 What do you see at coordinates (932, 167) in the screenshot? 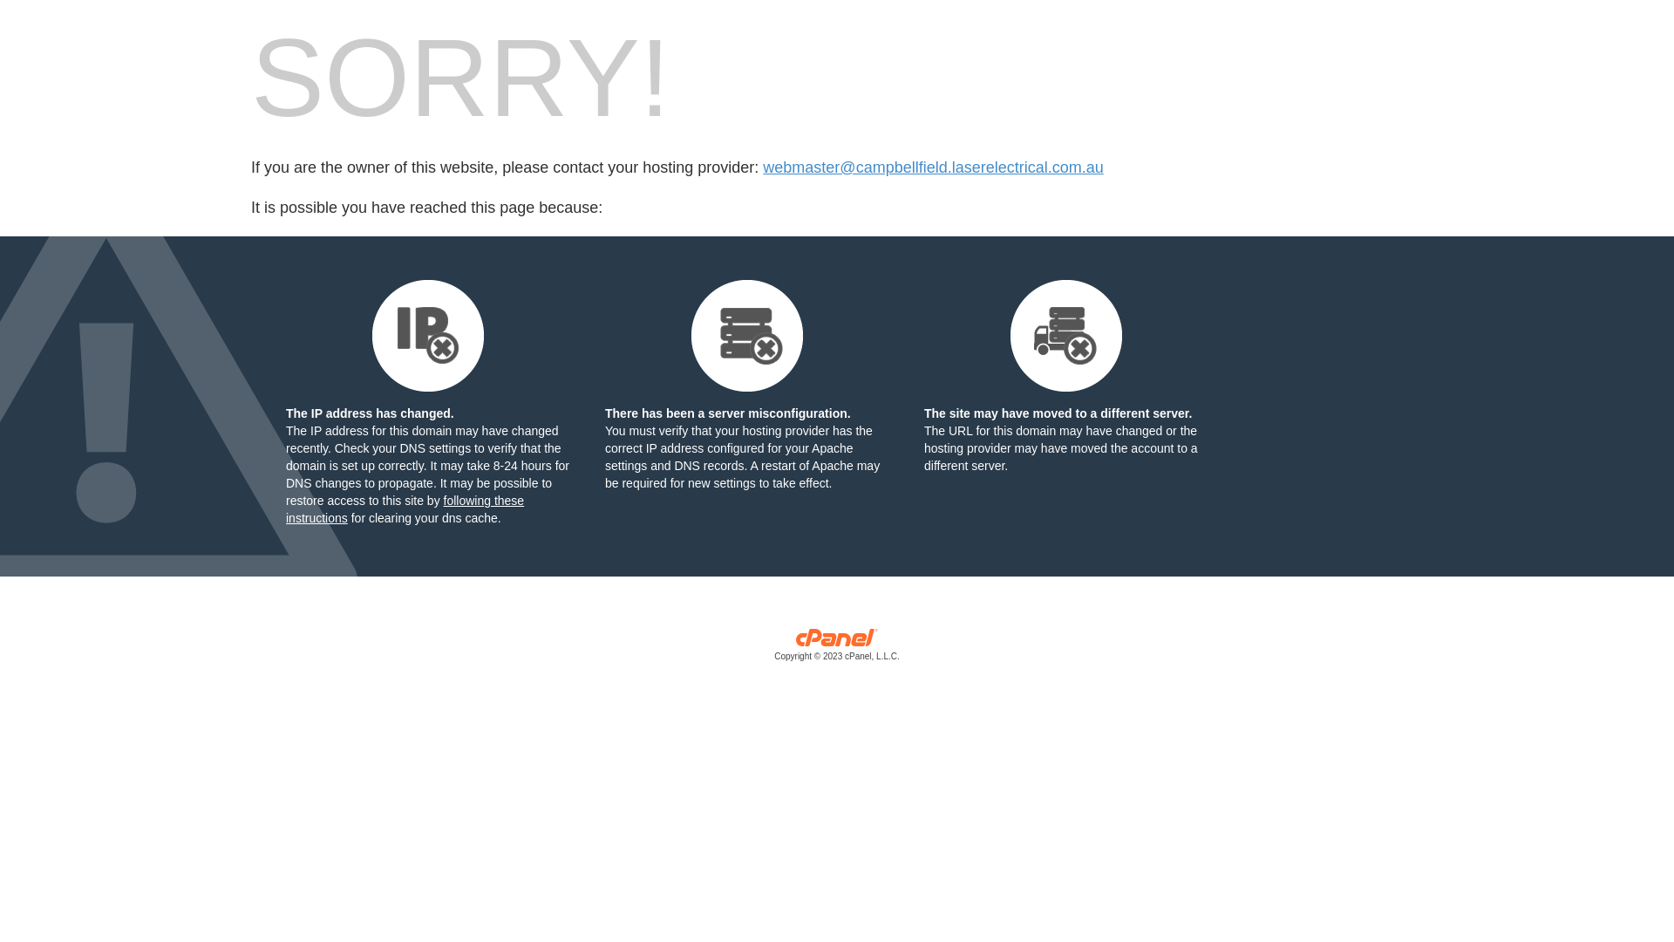
I see `'webmaster@campbellfield.laserelectrical.com.au'` at bounding box center [932, 167].